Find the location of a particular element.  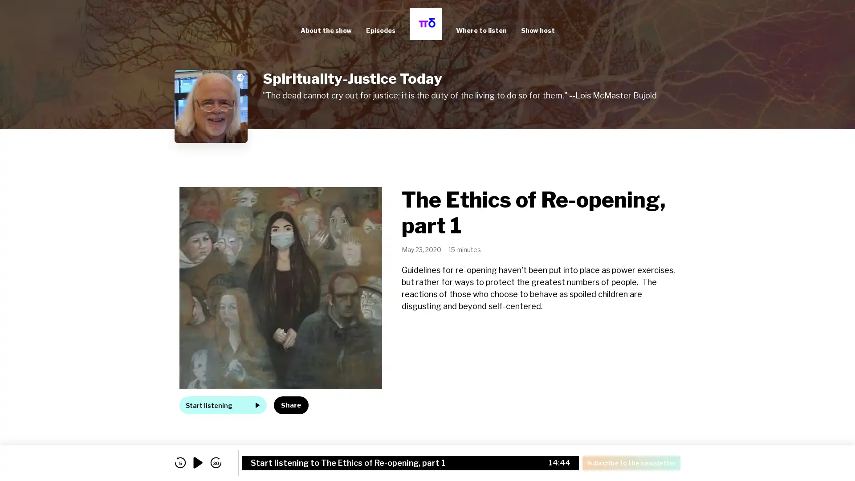

skip forward 30 seconds is located at coordinates (216, 462).